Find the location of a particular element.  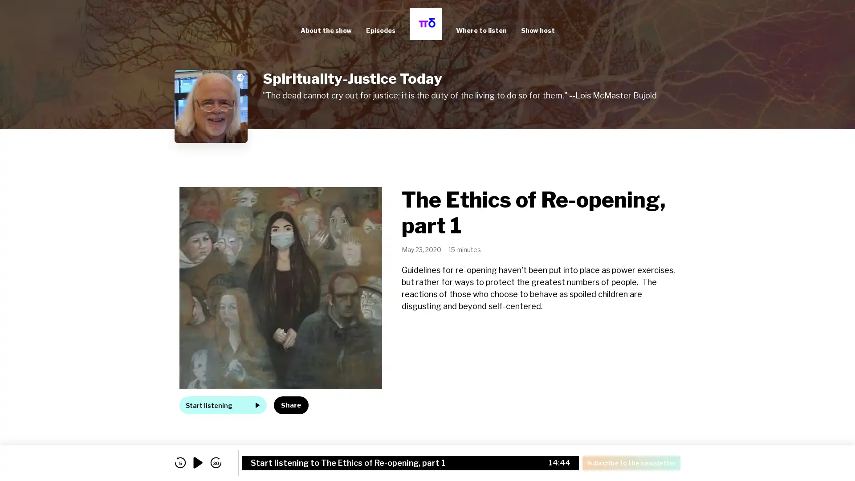

skip forward 30 seconds is located at coordinates (216, 462).